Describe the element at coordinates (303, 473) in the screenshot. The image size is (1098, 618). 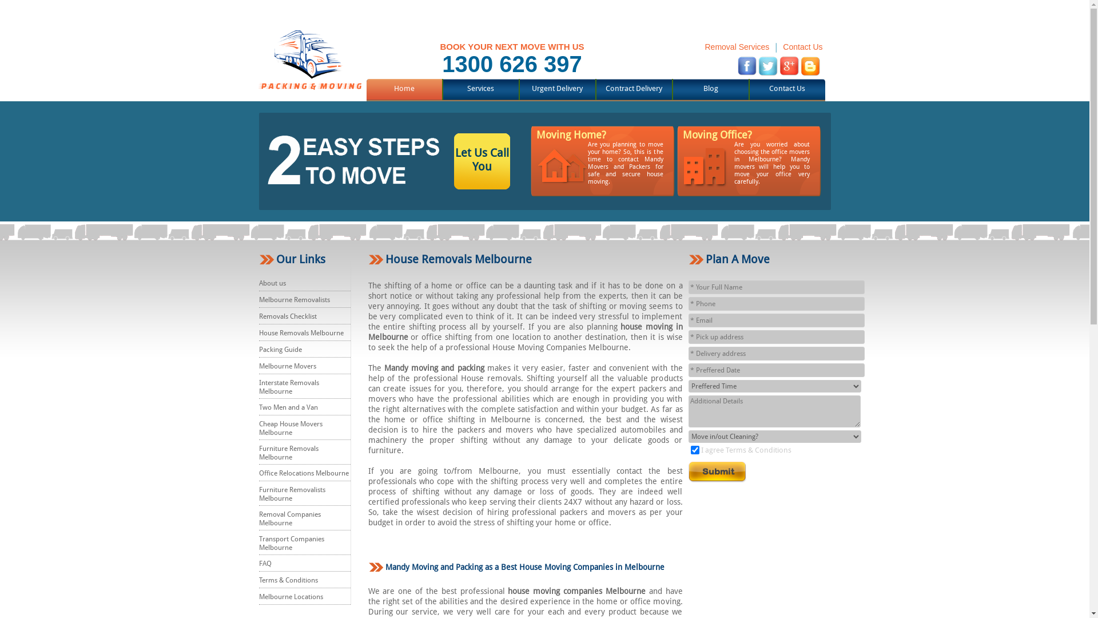
I see `'Office Relocations Melbourne'` at that location.